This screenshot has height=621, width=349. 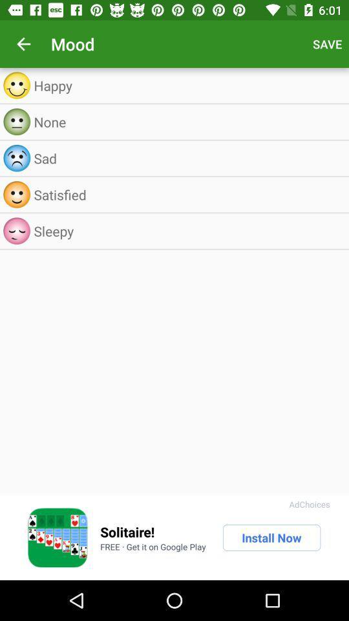 I want to click on the icon above free get it, so click(x=127, y=532).